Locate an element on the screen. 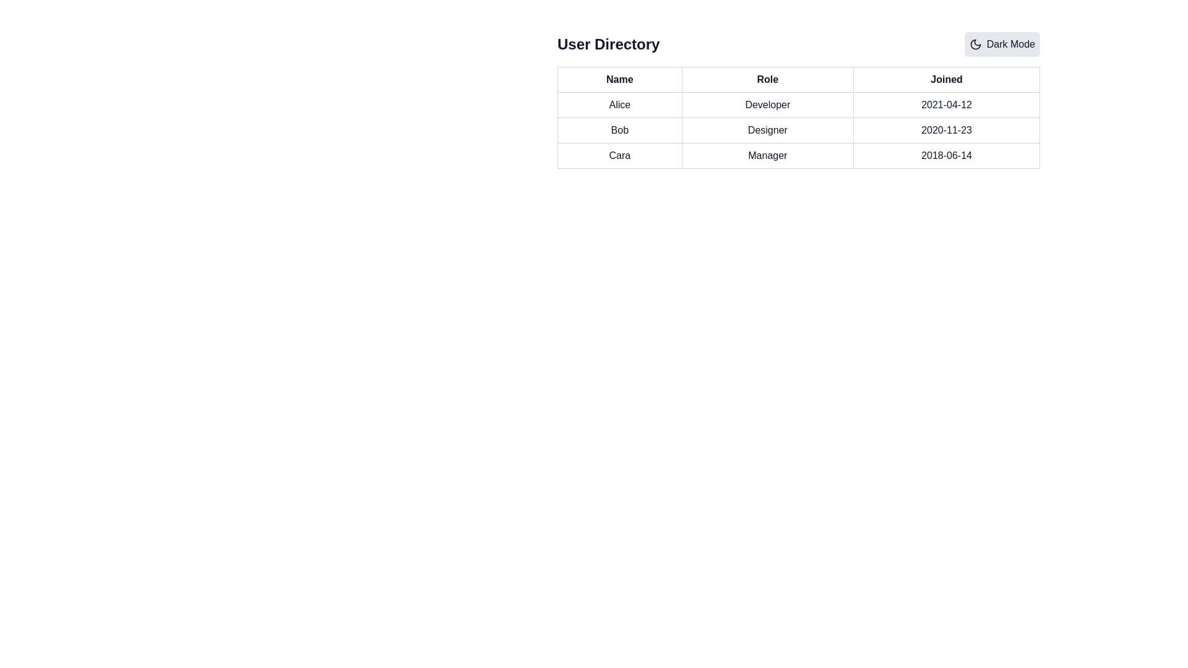 This screenshot has height=668, width=1188. the static text label containing the word 'Designer' in the second column of the second row under the 'Role' heading in the 'User Directory' table is located at coordinates (767, 131).